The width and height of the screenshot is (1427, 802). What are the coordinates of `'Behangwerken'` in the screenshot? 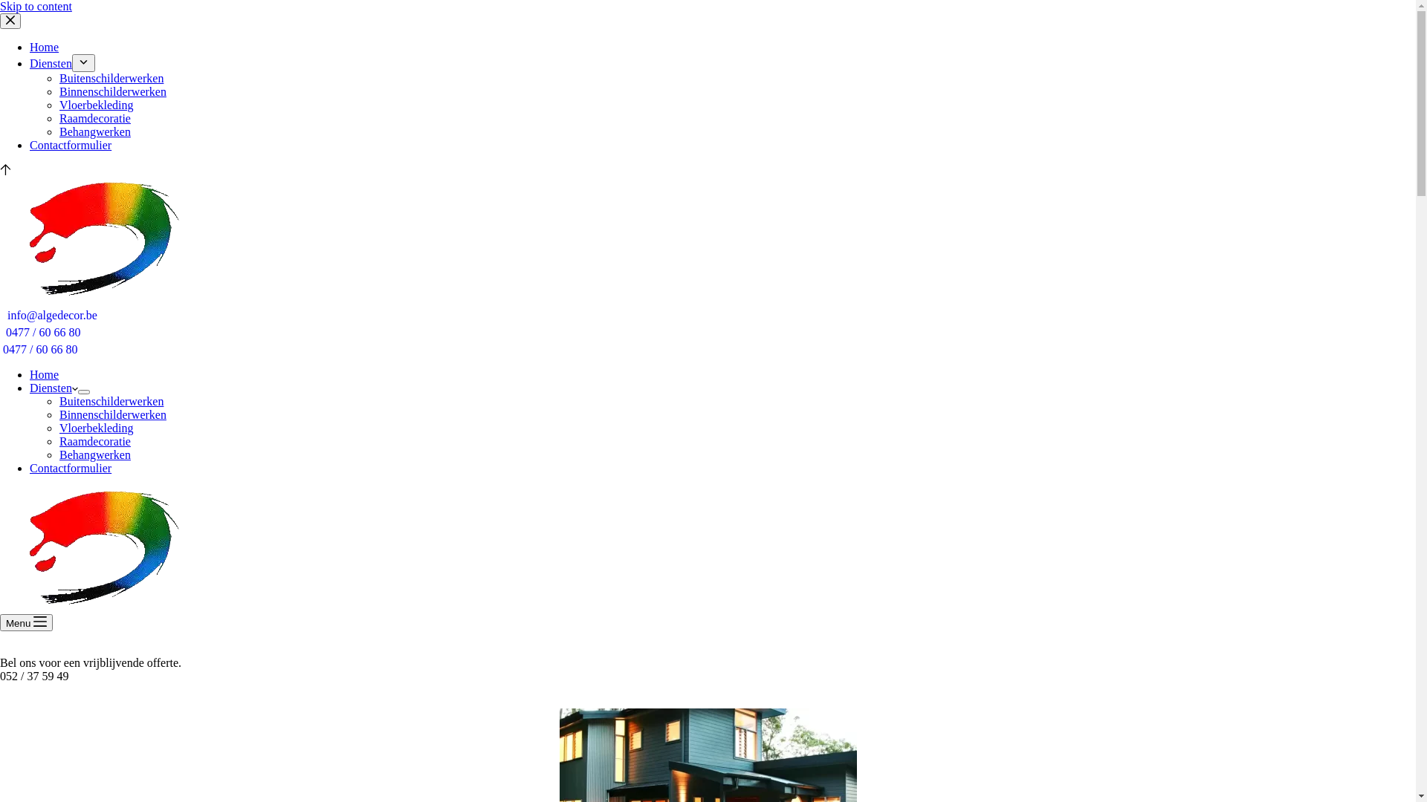 It's located at (59, 454).